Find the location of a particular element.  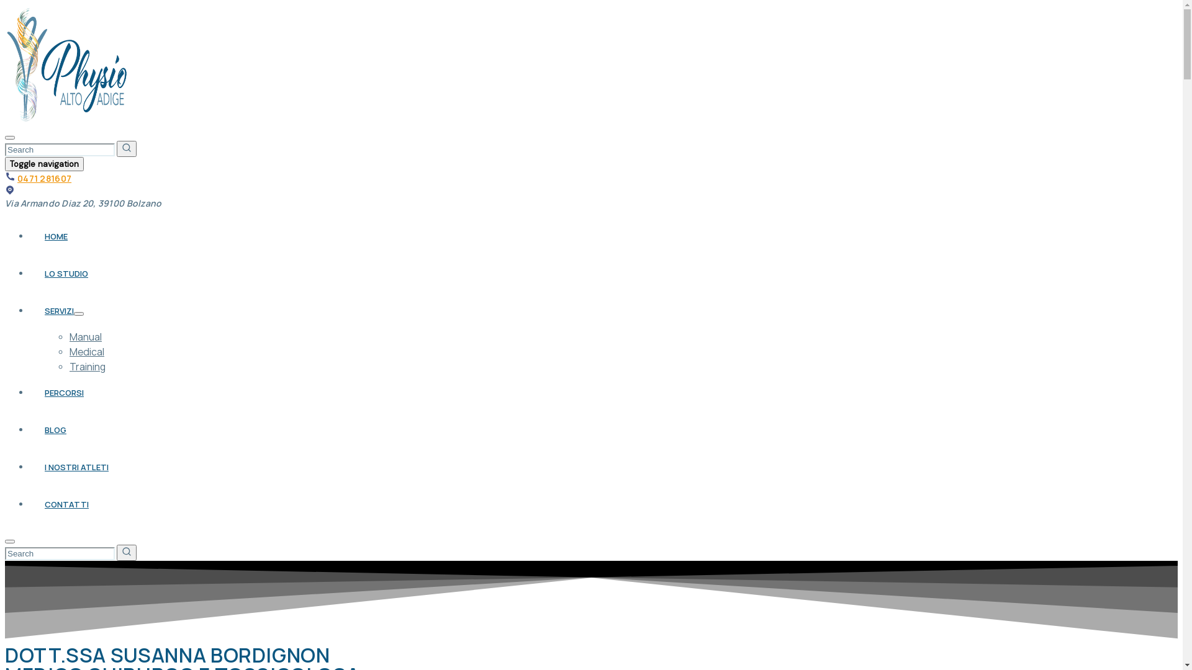

'Open Search' is located at coordinates (5, 138).